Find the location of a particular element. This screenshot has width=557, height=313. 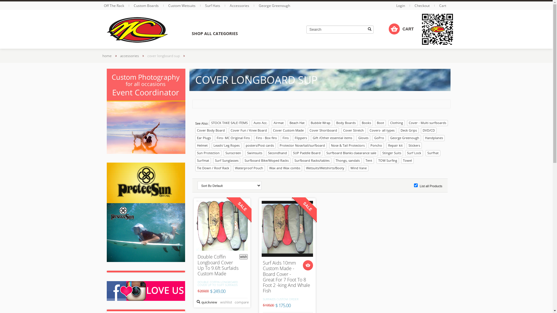

'Secondhand' is located at coordinates (266, 153).